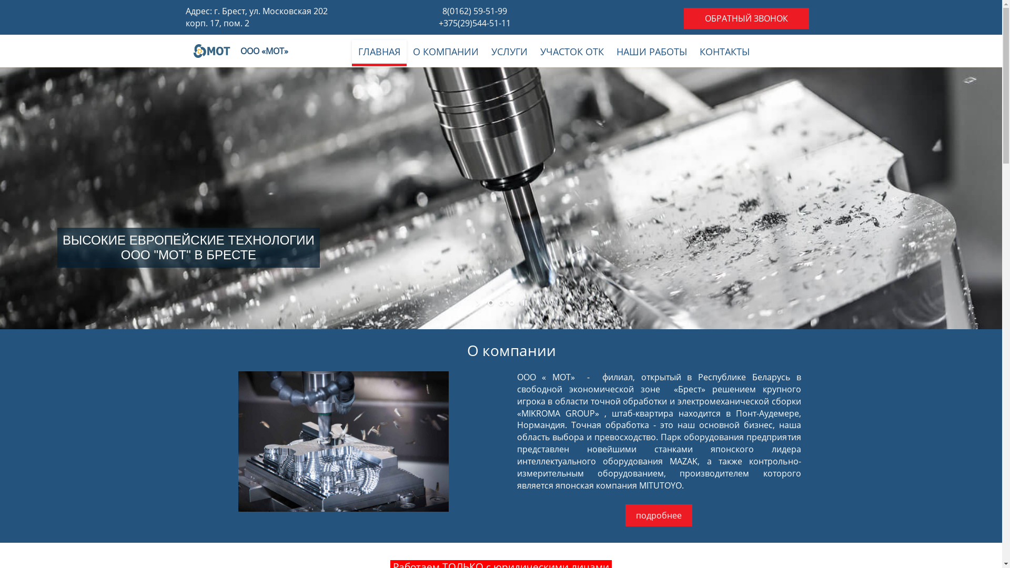 The image size is (1010, 568). I want to click on '+375(29)544-51-11', so click(474, 23).